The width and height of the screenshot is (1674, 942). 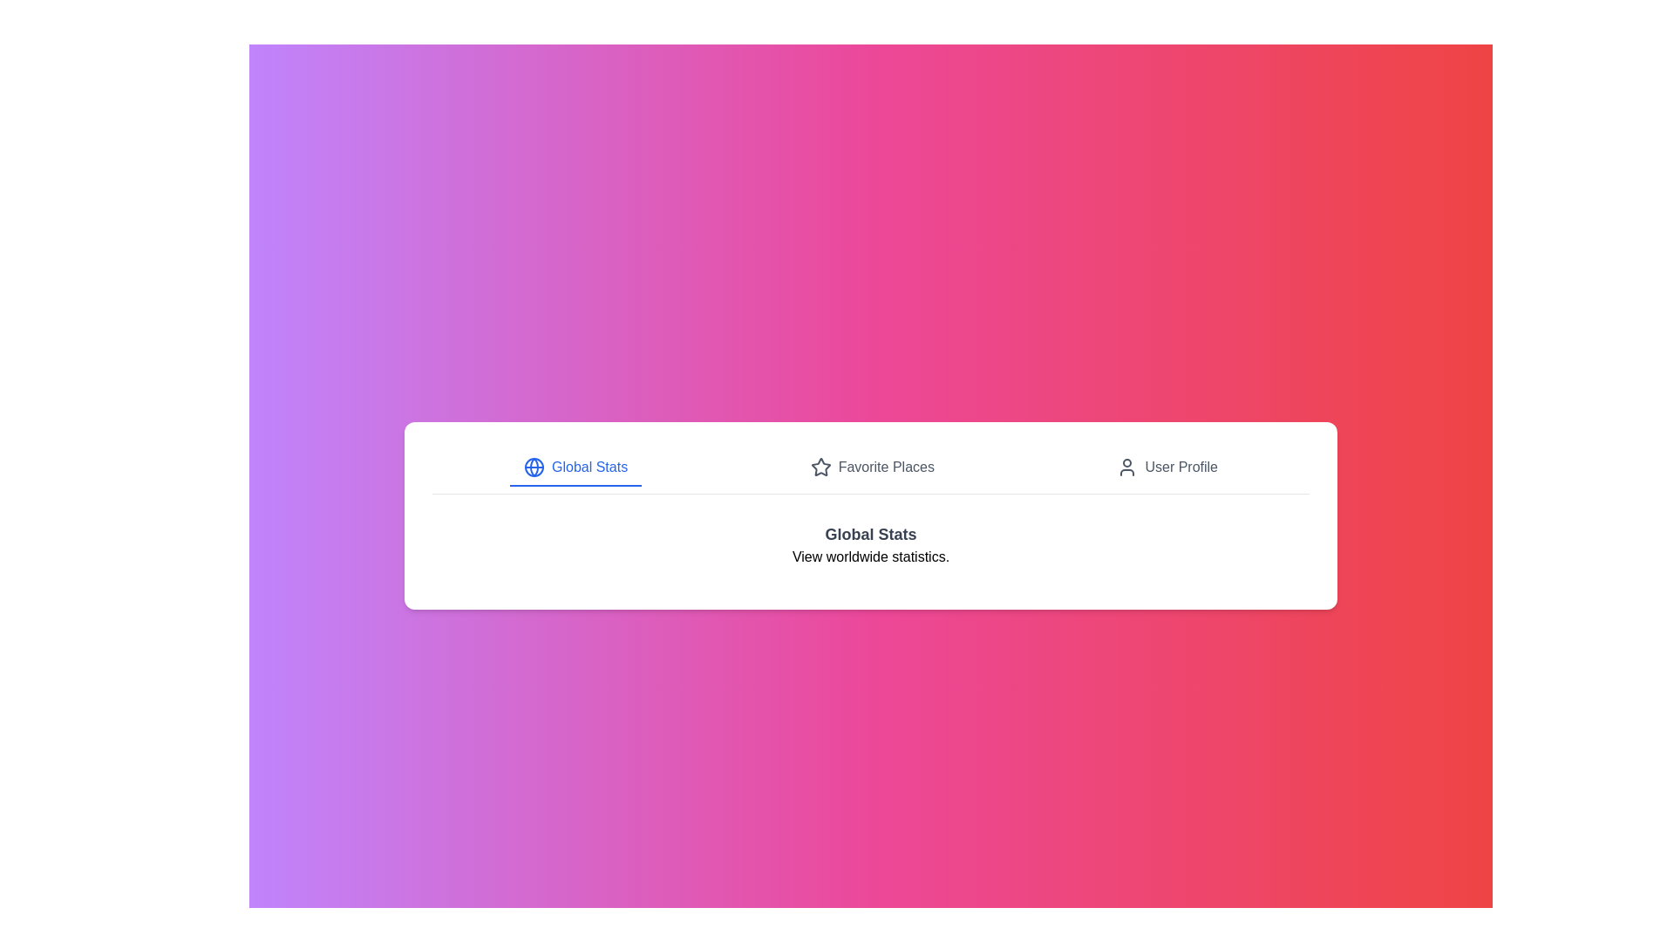 I want to click on the star icon in the navigation bar, which represents 'Favorite Places', so click(x=820, y=466).